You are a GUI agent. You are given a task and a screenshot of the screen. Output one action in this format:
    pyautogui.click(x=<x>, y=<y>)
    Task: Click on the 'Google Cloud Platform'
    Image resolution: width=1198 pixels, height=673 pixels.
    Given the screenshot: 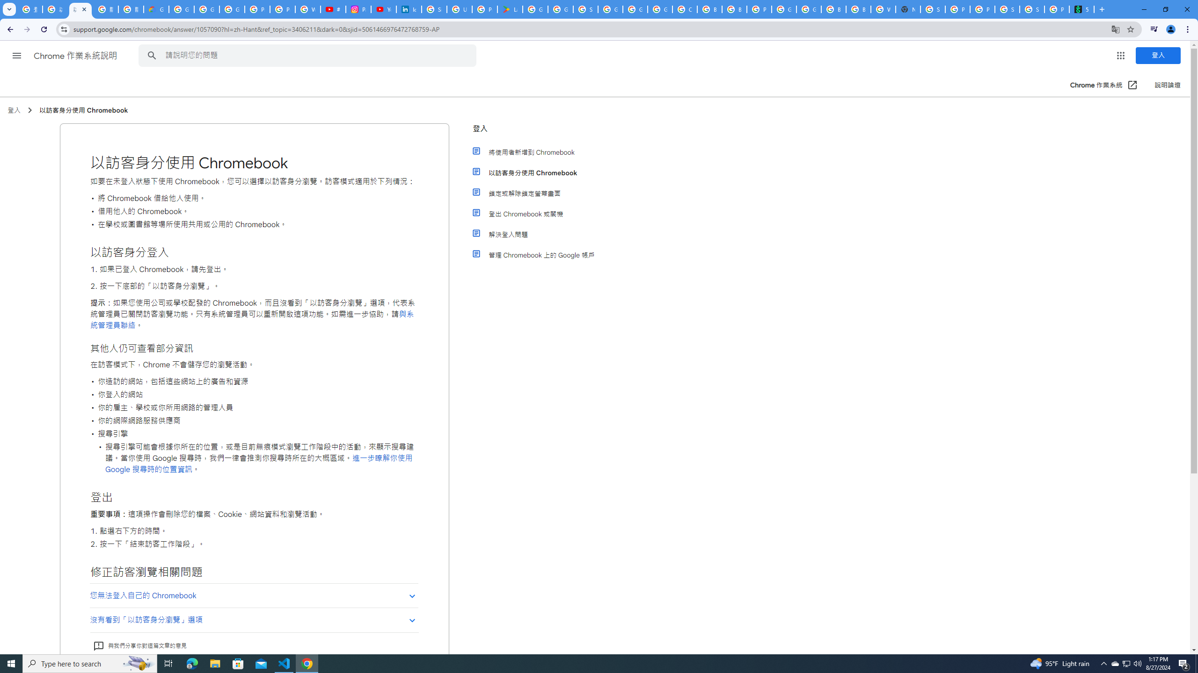 What is the action you would take?
    pyautogui.click(x=784, y=9)
    